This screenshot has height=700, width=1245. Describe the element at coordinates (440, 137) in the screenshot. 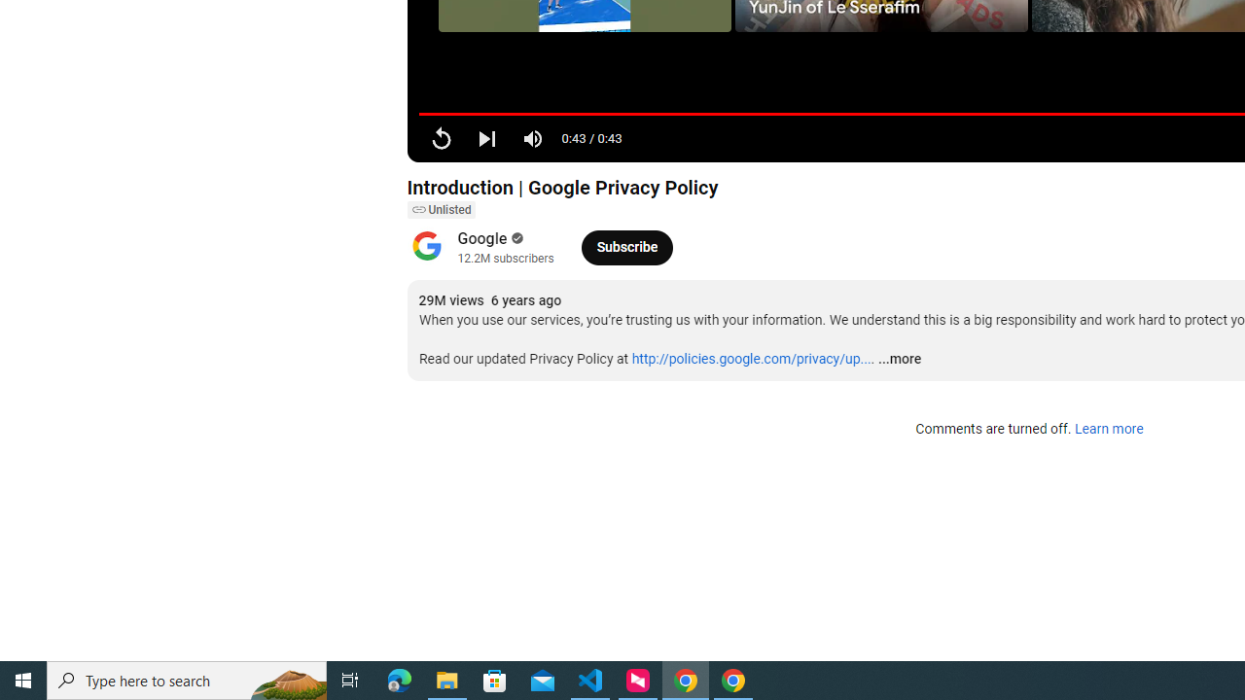

I see `'Pause (k)'` at that location.